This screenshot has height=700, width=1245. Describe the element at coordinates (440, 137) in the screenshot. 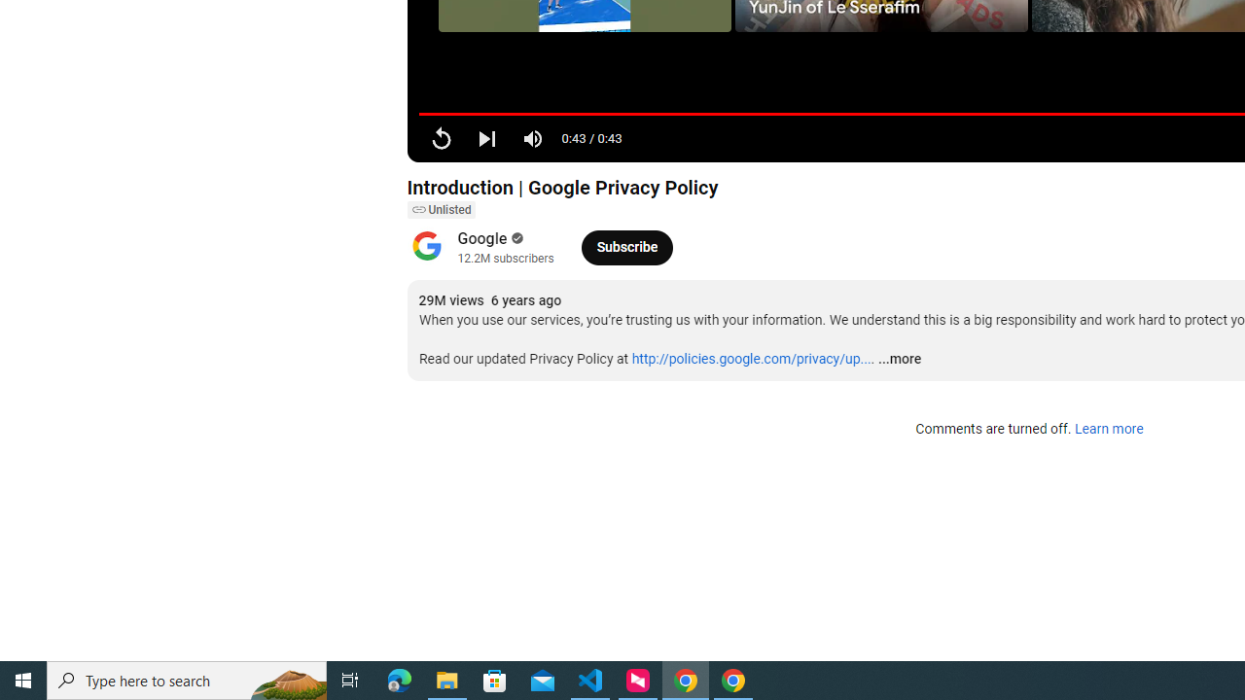

I see `'Pause (k)'` at that location.